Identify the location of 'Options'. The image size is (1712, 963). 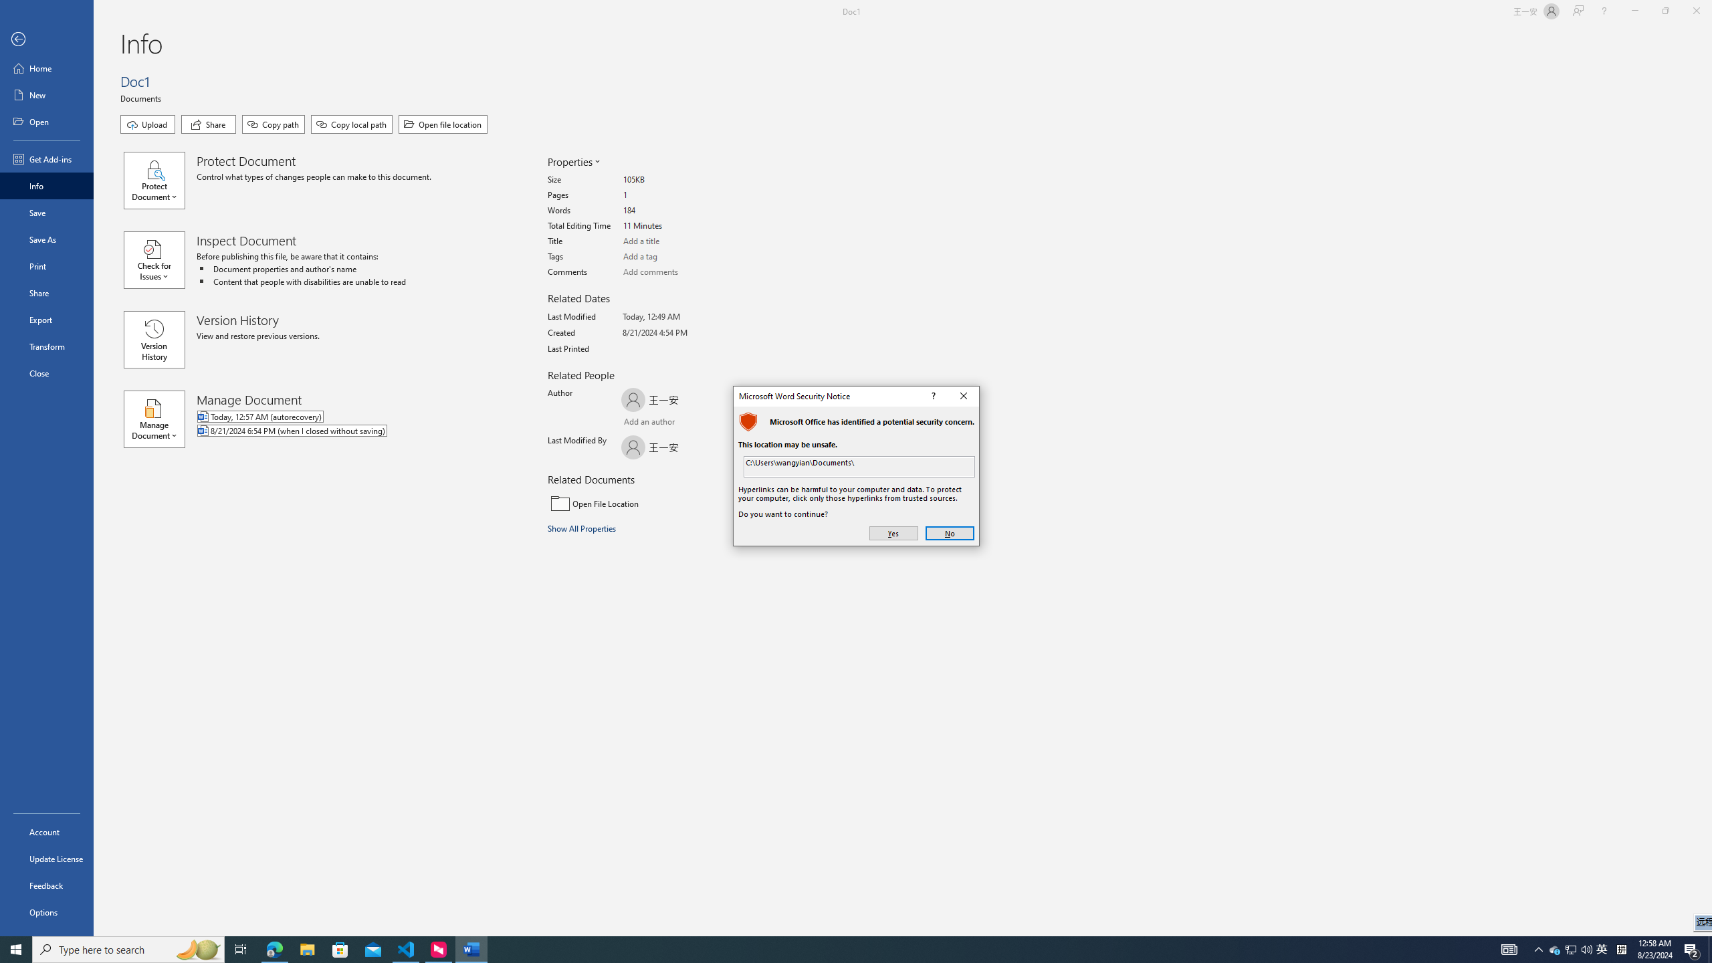
(46, 912).